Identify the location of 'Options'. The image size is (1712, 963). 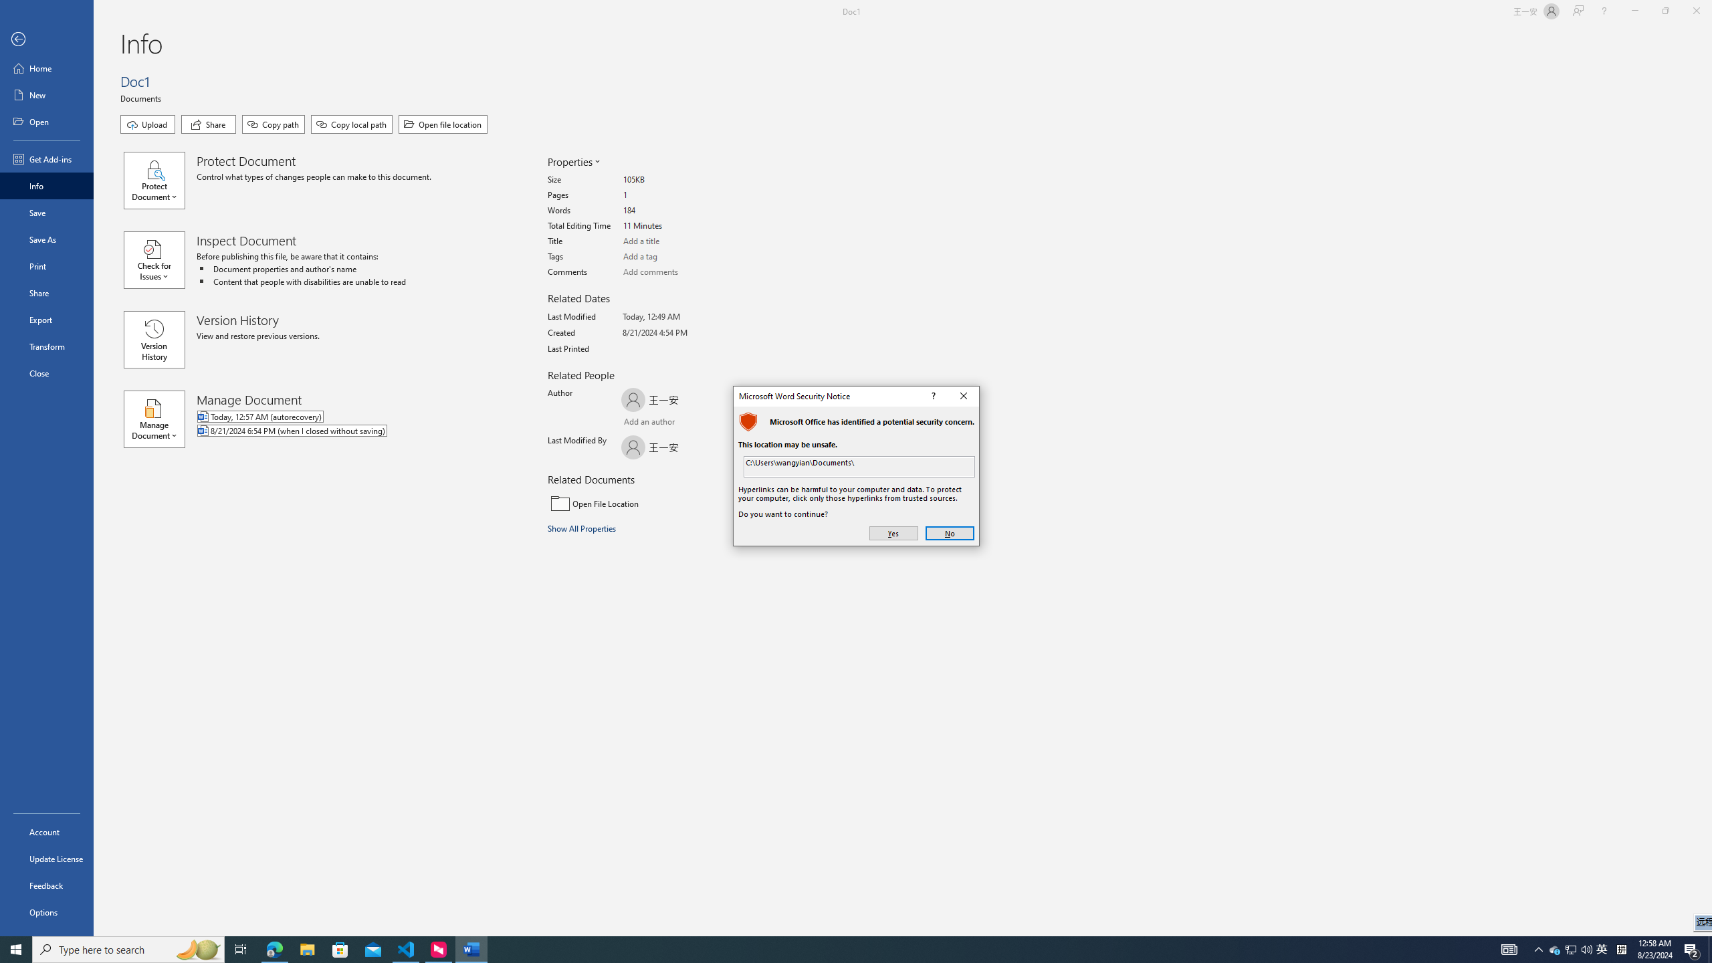
(46, 912).